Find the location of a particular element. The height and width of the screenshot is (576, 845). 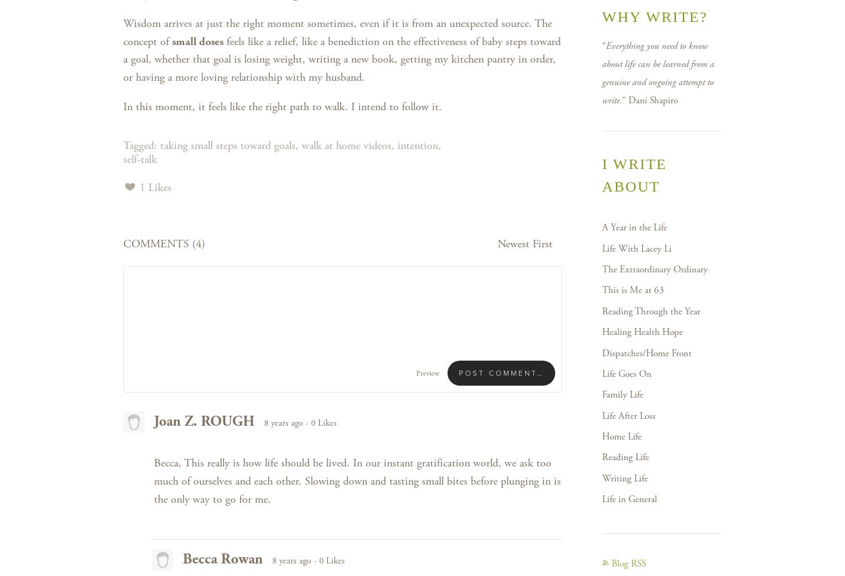

'Home Life' is located at coordinates (621, 436).